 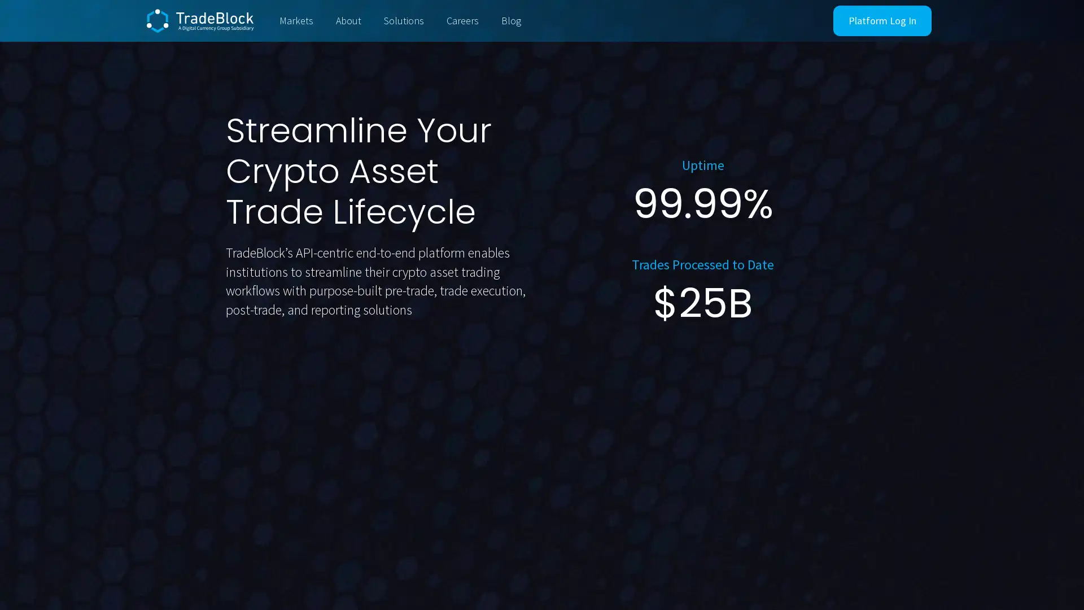 What do you see at coordinates (285, 373) in the screenshot?
I see `Schedule Demo` at bounding box center [285, 373].